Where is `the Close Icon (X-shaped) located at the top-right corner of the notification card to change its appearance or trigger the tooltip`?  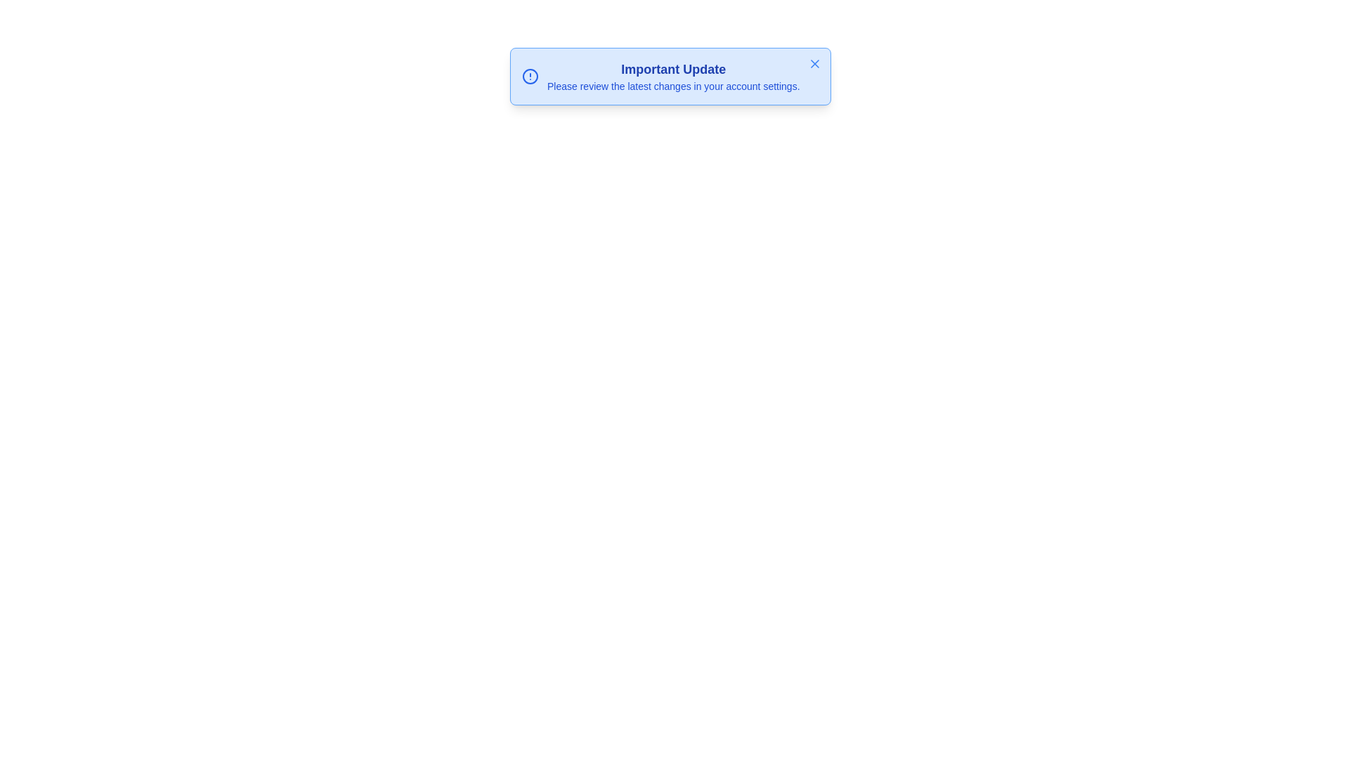
the Close Icon (X-shaped) located at the top-right corner of the notification card to change its appearance or trigger the tooltip is located at coordinates (815, 64).